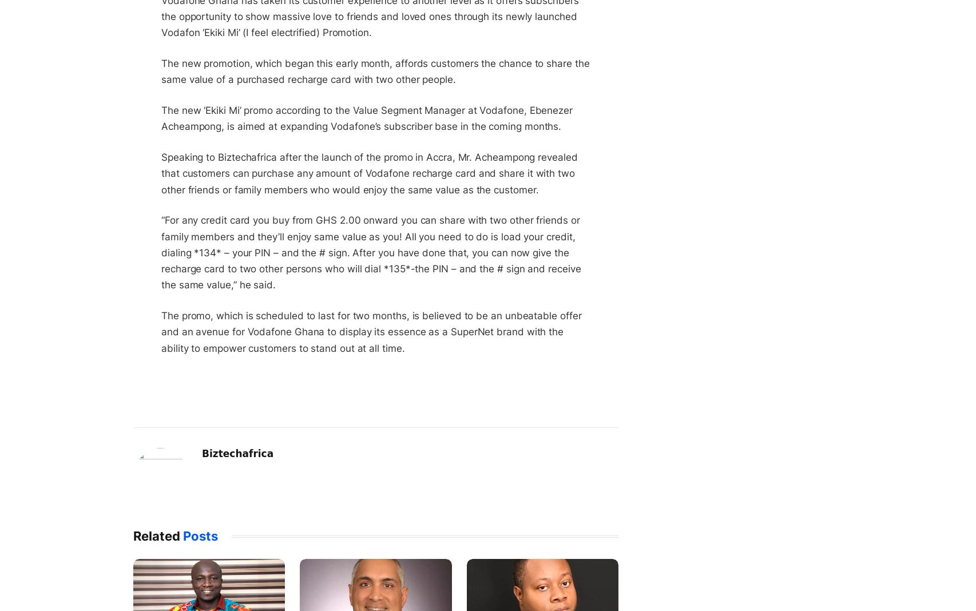  Describe the element at coordinates (370, 331) in the screenshot. I see `'The promo, which is scheduled to last for two months, is believed to be an unbeatable offer and an avenue for Vodafone Ghana to display its essence as a SuperNet brand with the ability to empower customers to stand out at all time.'` at that location.